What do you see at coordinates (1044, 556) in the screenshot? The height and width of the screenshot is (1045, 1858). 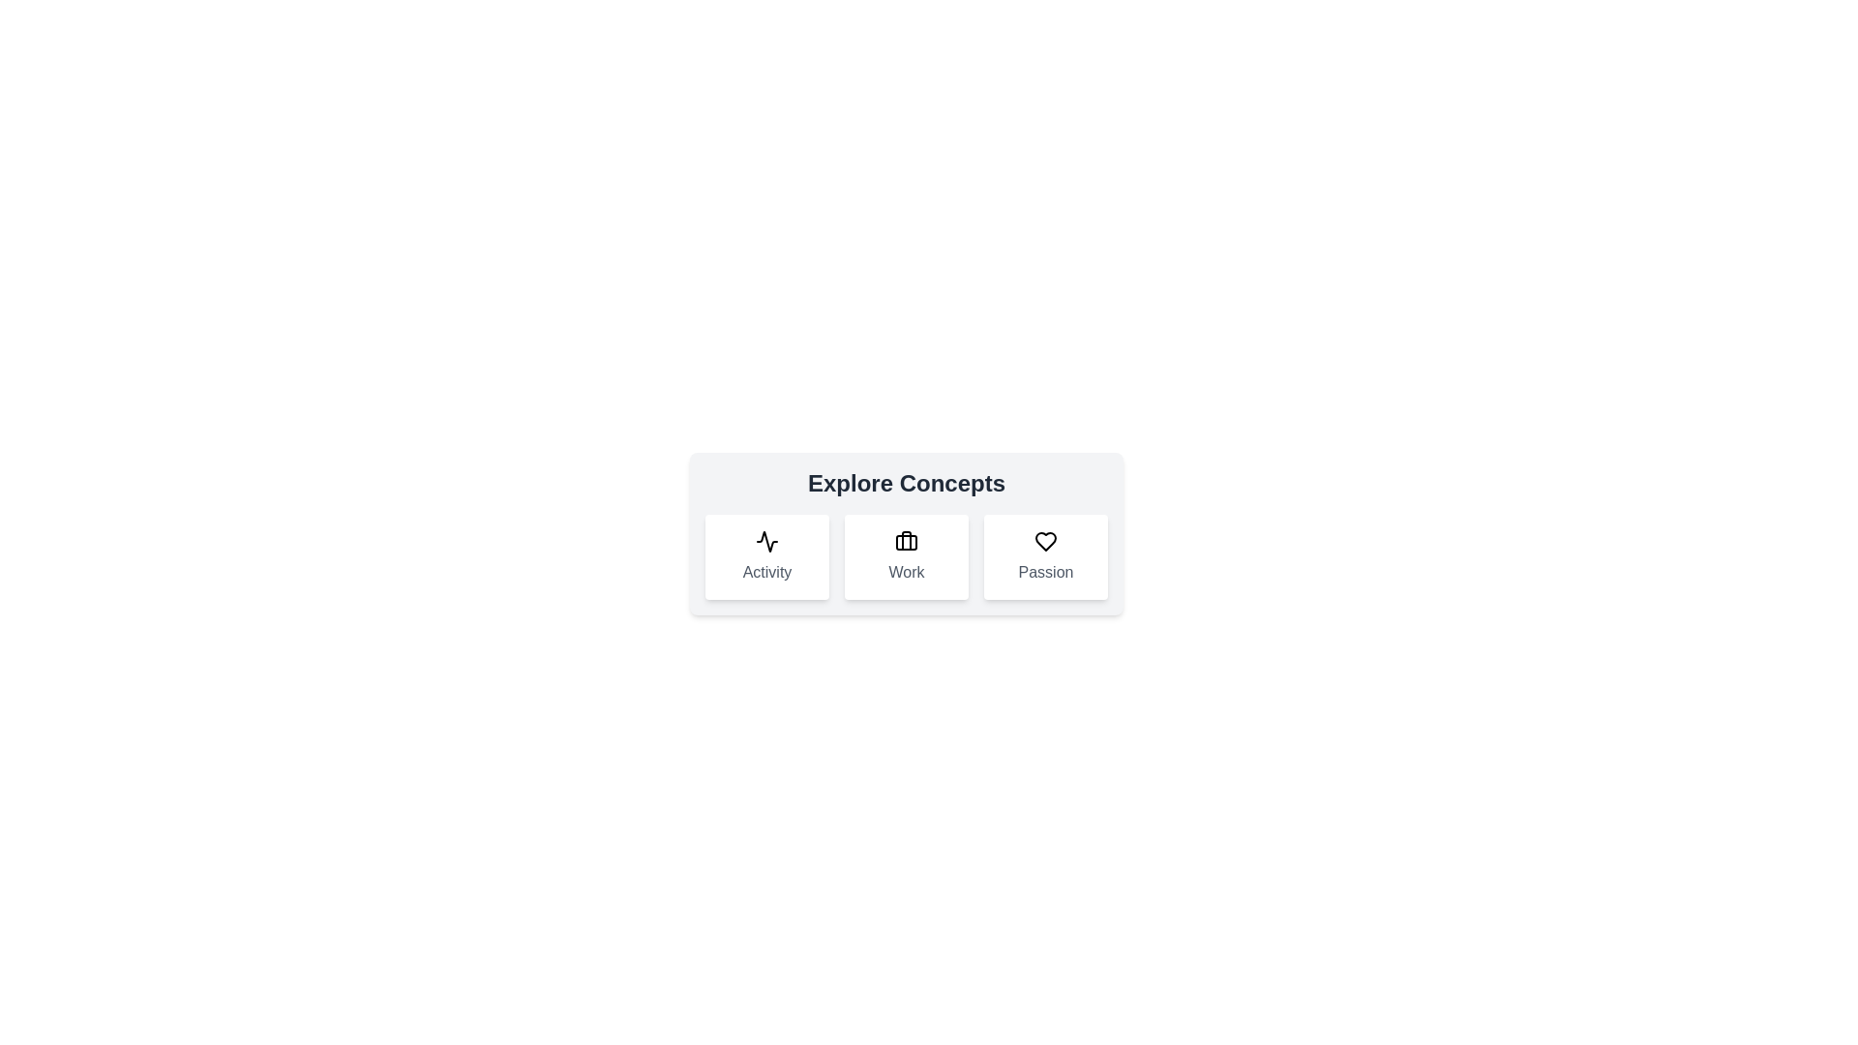 I see `the 'Passion' icon-text grouping element, which is the third card in a horizontal list below the 'Explore Concepts' header` at bounding box center [1044, 556].